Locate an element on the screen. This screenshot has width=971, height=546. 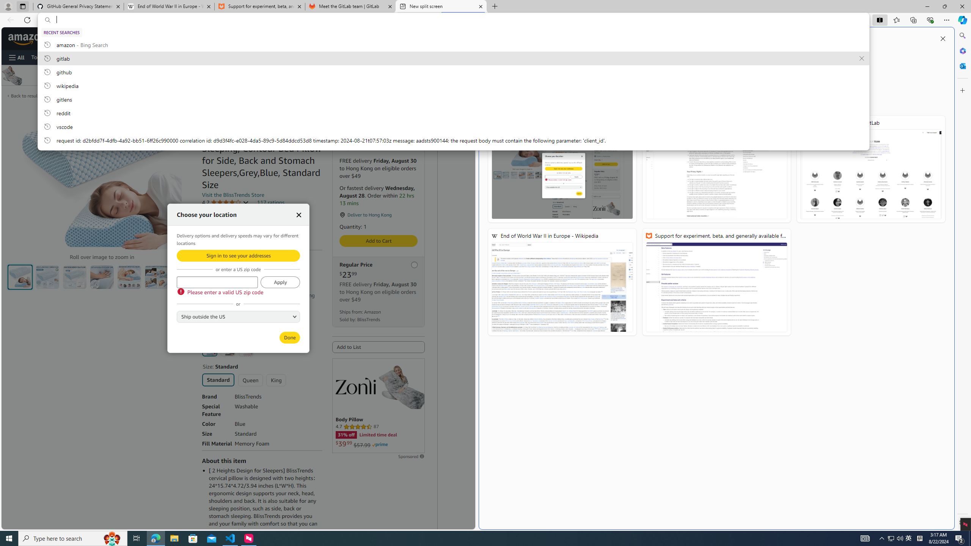
'Search icon' is located at coordinates (47, 20).